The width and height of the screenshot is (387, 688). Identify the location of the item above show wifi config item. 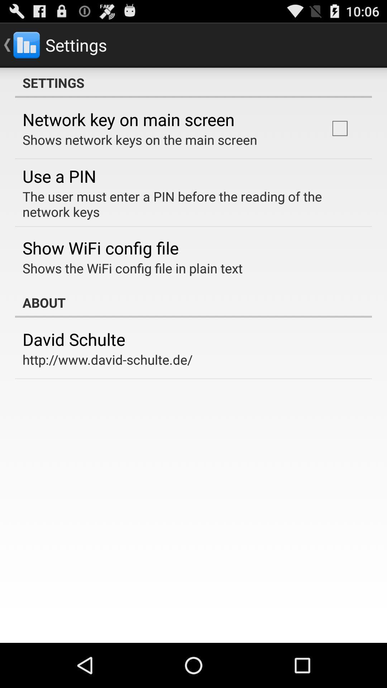
(188, 204).